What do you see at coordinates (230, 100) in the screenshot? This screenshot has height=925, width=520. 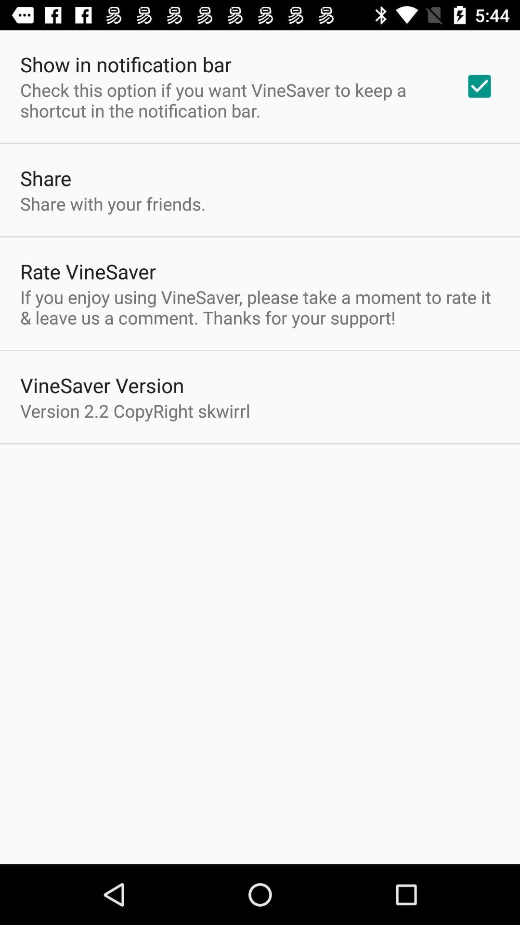 I see `icon below the show in notification app` at bounding box center [230, 100].